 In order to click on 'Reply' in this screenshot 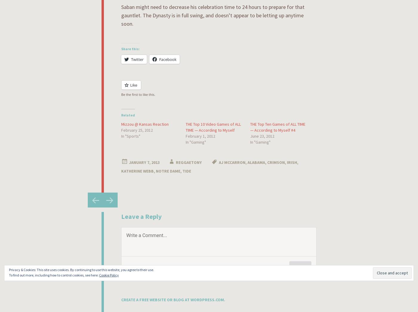, I will do `click(300, 267)`.